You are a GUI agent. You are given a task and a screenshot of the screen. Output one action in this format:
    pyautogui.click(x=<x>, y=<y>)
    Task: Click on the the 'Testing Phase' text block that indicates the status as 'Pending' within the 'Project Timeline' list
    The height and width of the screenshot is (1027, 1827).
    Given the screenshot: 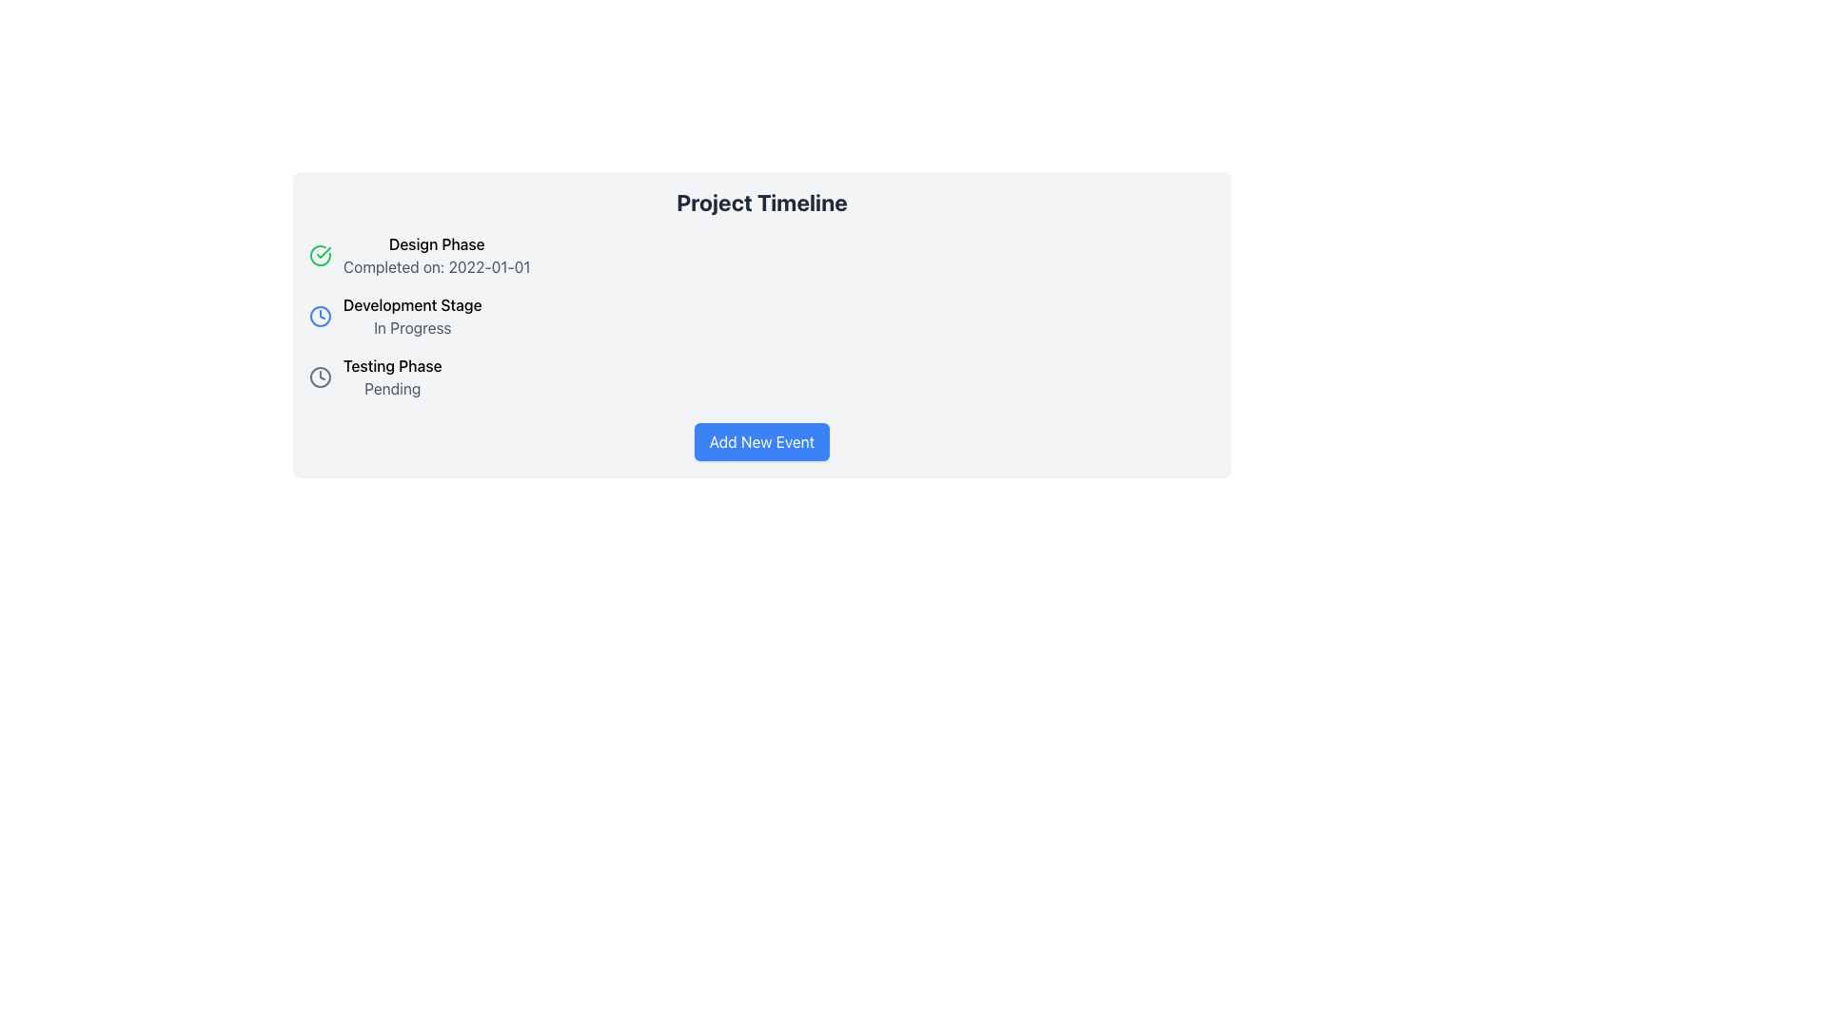 What is the action you would take?
    pyautogui.click(x=391, y=378)
    